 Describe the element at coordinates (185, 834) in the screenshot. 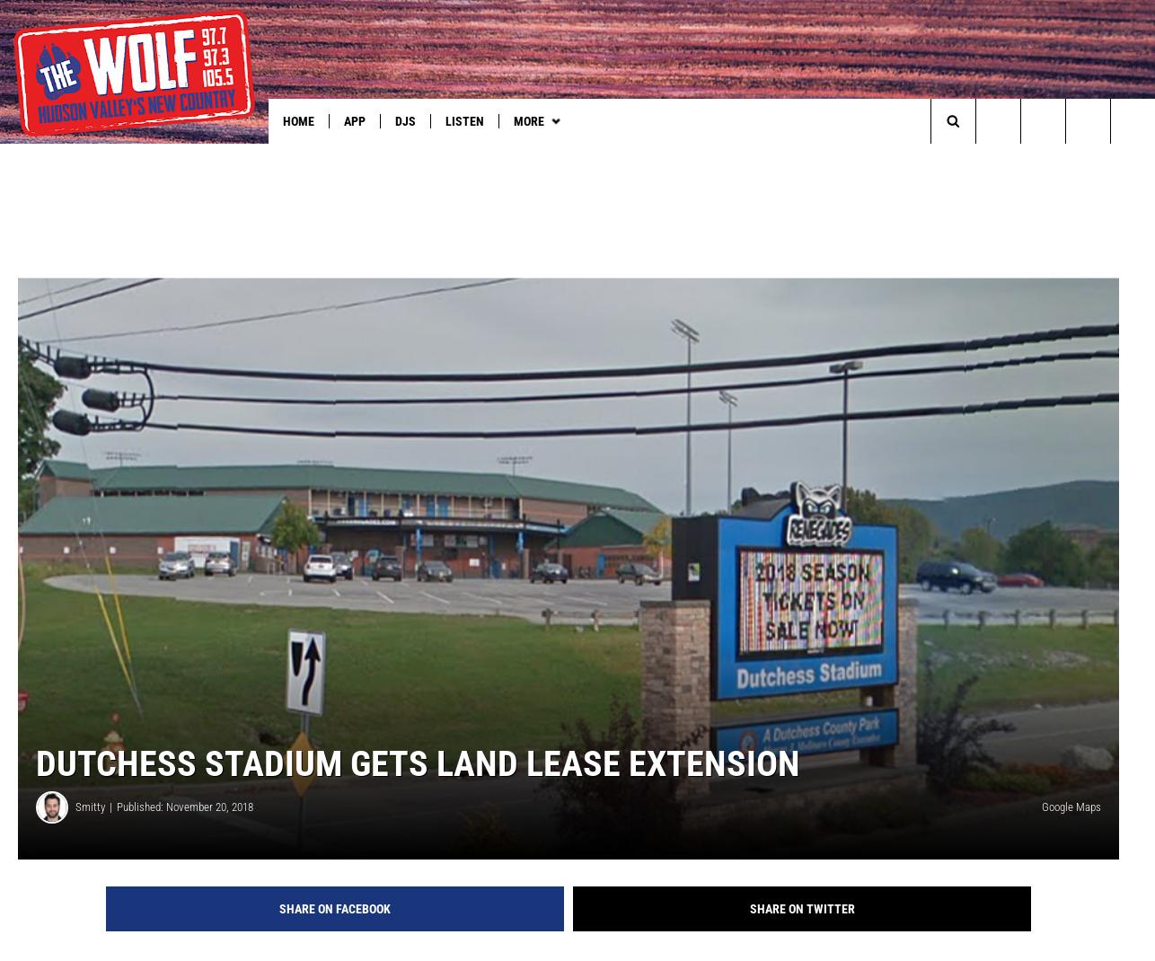

I see `'Published: November 20, 2018'` at that location.